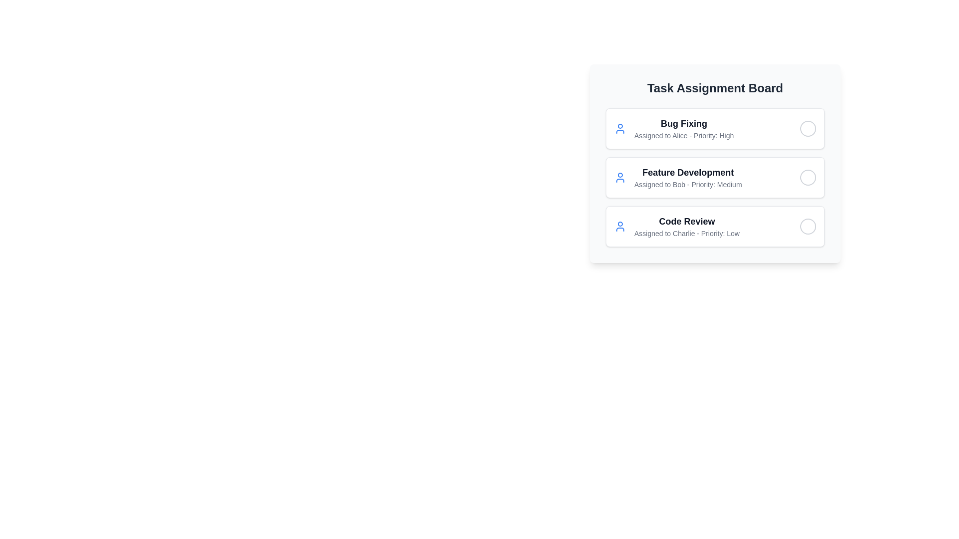 The width and height of the screenshot is (959, 539). I want to click on the 'Bug Fixing' text label, which is styled in bold and large dark gray font, located at the top of the task items list in the Task Assignment Board, so click(683, 123).